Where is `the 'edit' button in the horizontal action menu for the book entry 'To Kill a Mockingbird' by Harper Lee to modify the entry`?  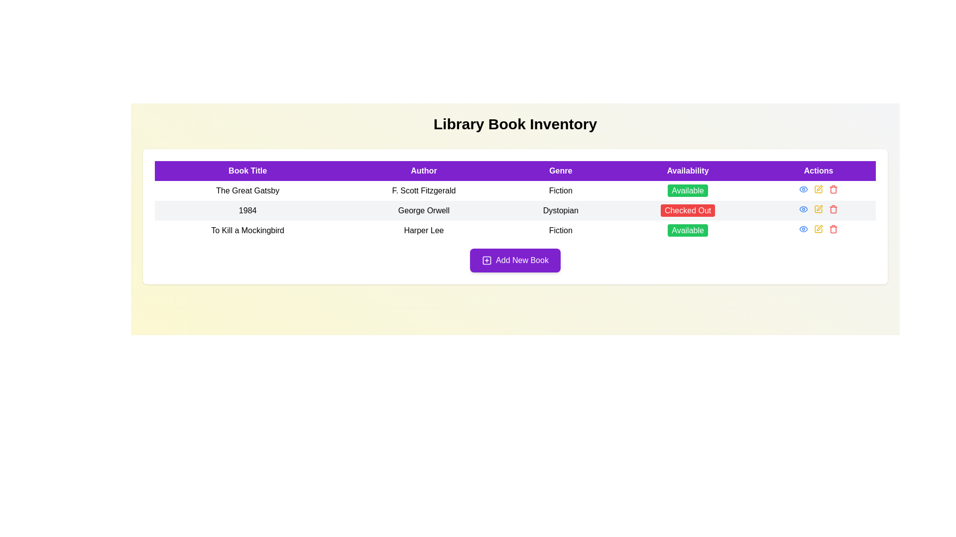
the 'edit' button in the horizontal action menu for the book entry 'To Kill a Mockingbird' by Harper Lee to modify the entry is located at coordinates (818, 229).